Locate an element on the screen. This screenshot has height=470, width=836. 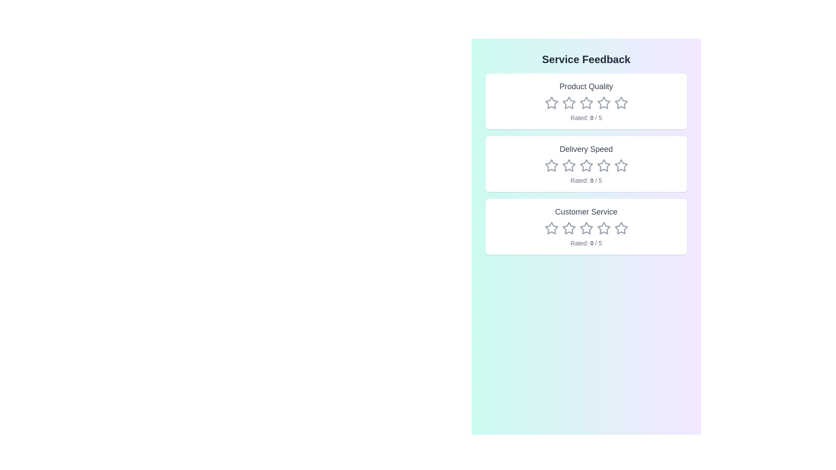
the rating for the category Product Quality to 5 stars is located at coordinates (620, 102).